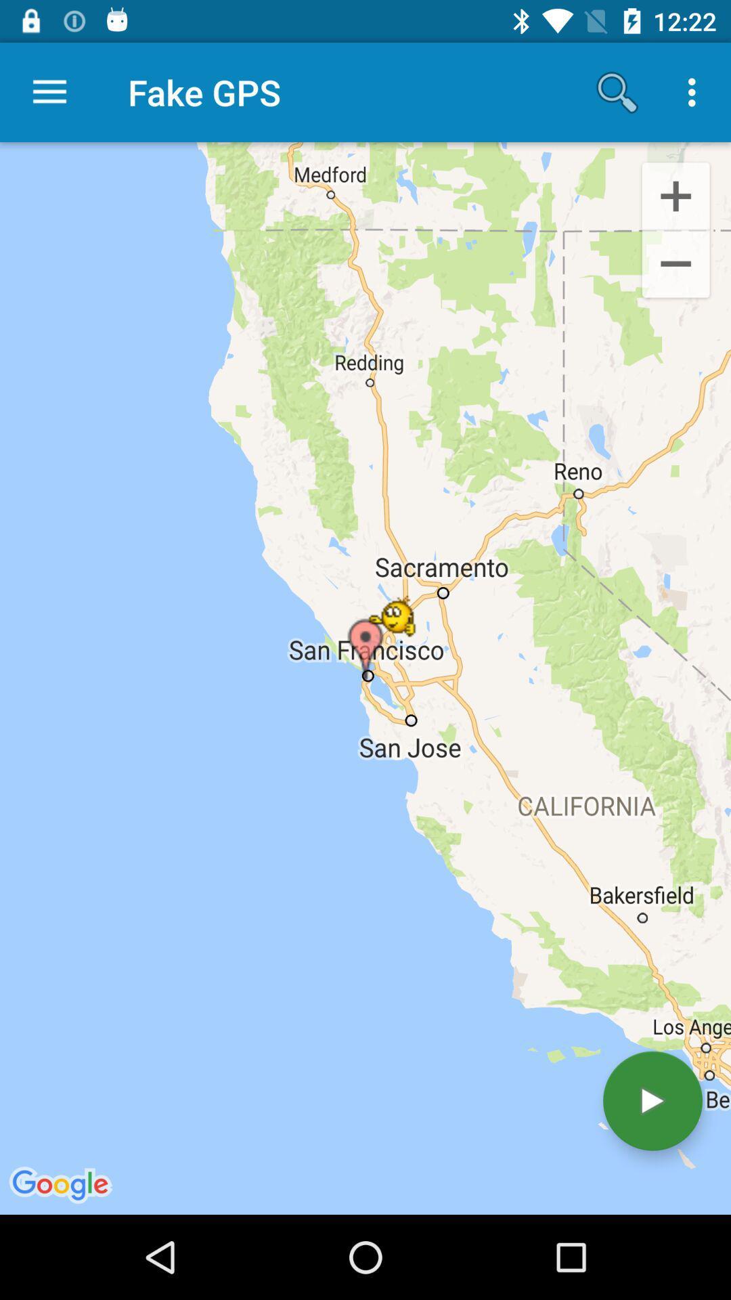  What do you see at coordinates (49, 91) in the screenshot?
I see `the icon to the left of fake gps icon` at bounding box center [49, 91].